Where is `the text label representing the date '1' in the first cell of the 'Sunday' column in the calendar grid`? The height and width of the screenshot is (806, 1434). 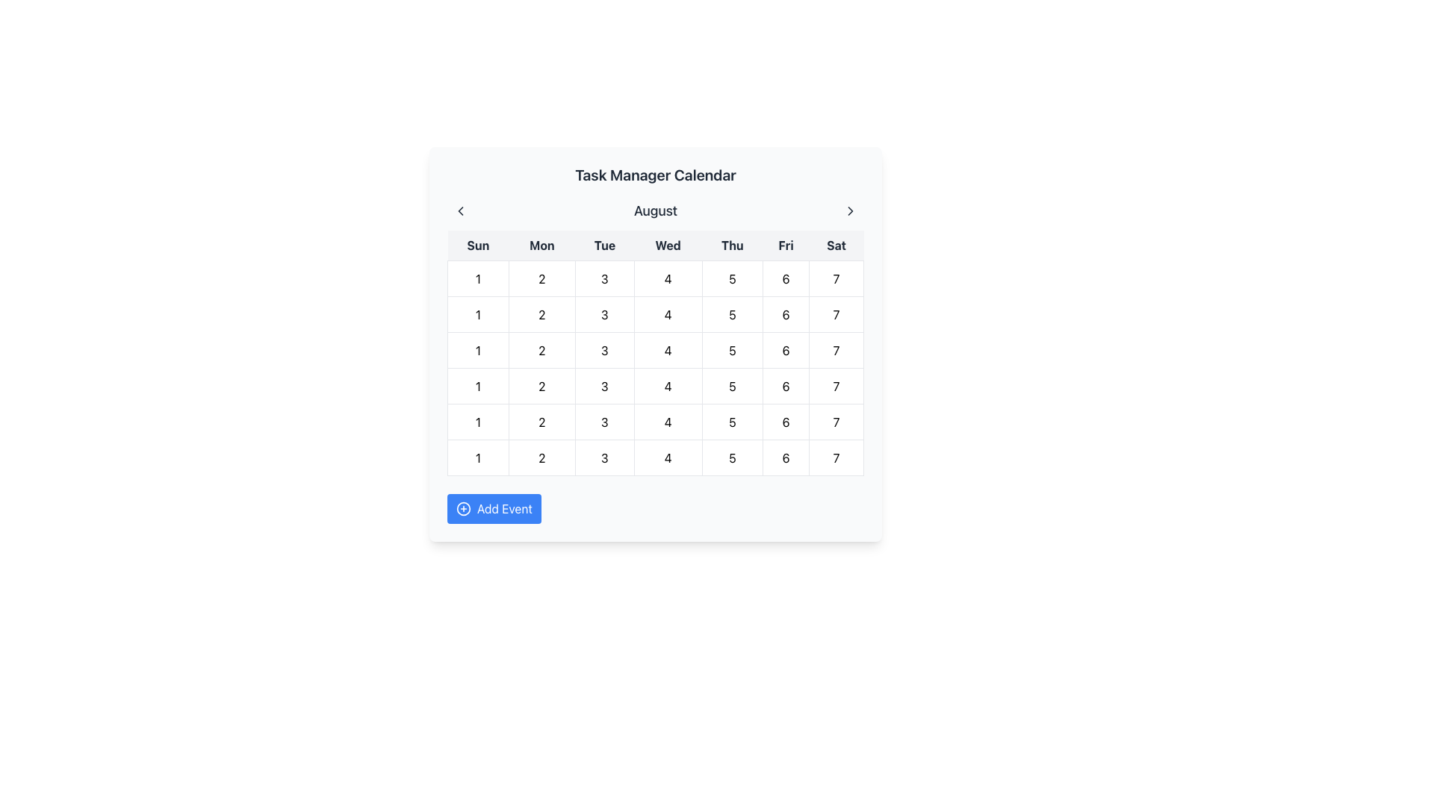
the text label representing the date '1' in the first cell of the 'Sunday' column in the calendar grid is located at coordinates (478, 313).